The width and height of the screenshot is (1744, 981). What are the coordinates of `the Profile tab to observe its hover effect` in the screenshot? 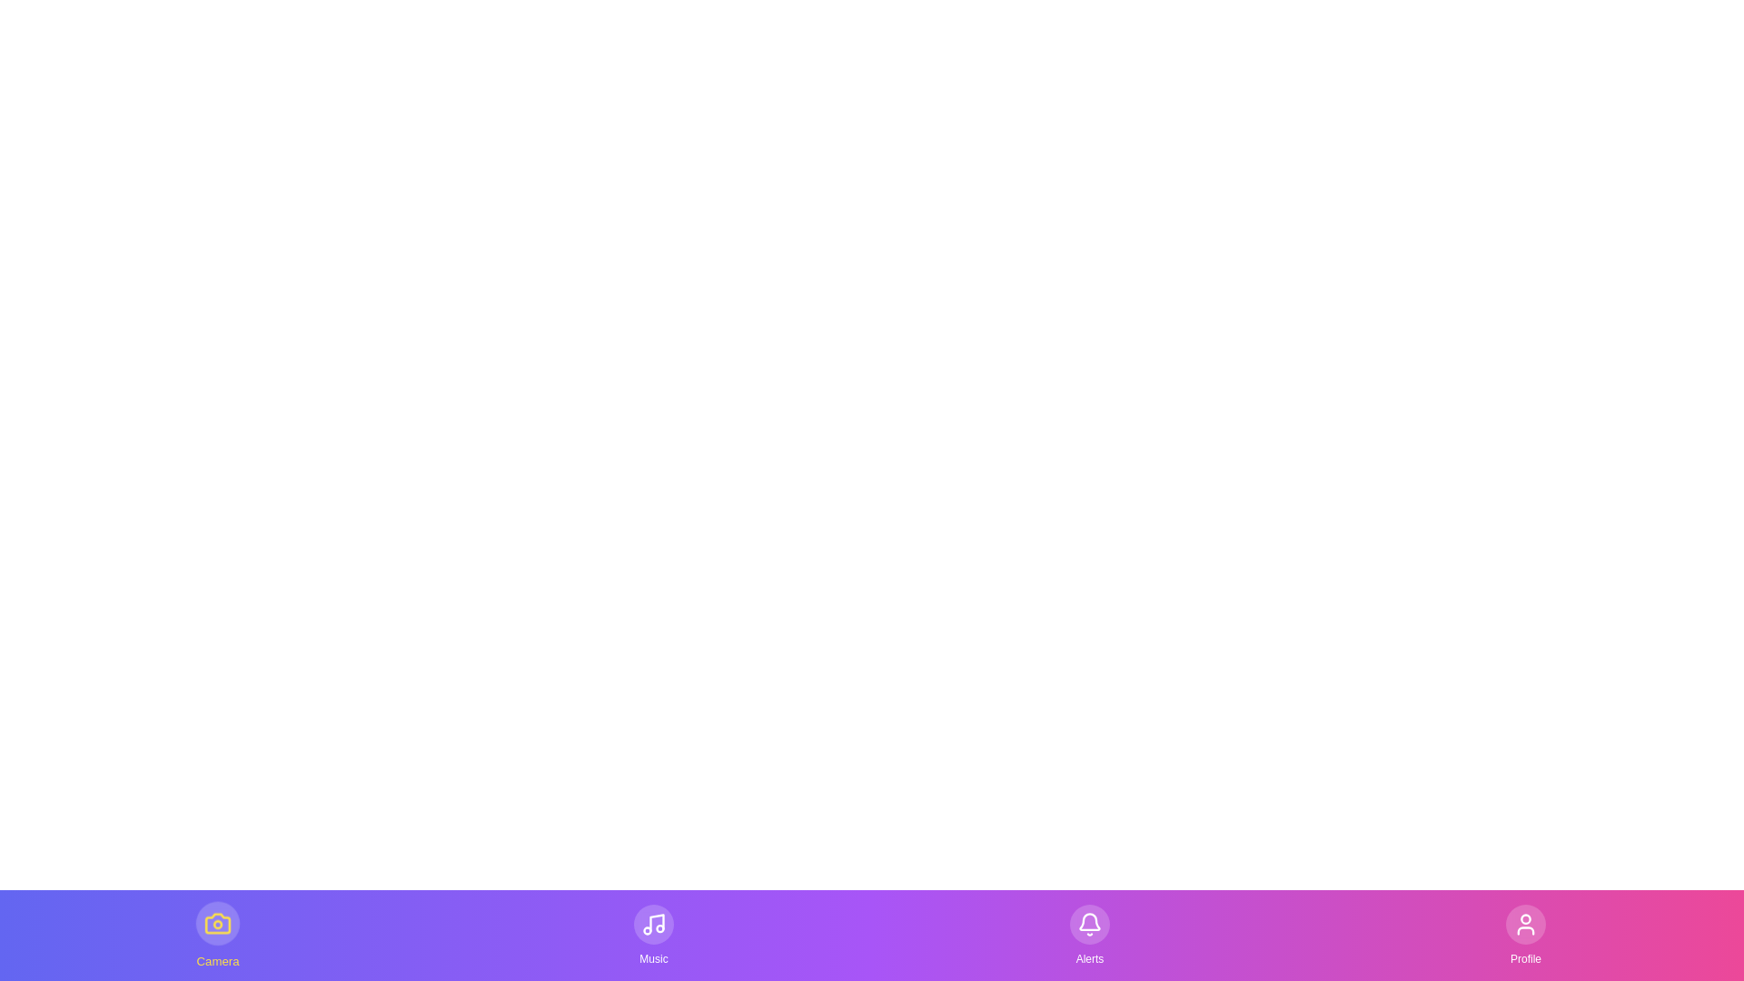 It's located at (1526, 935).